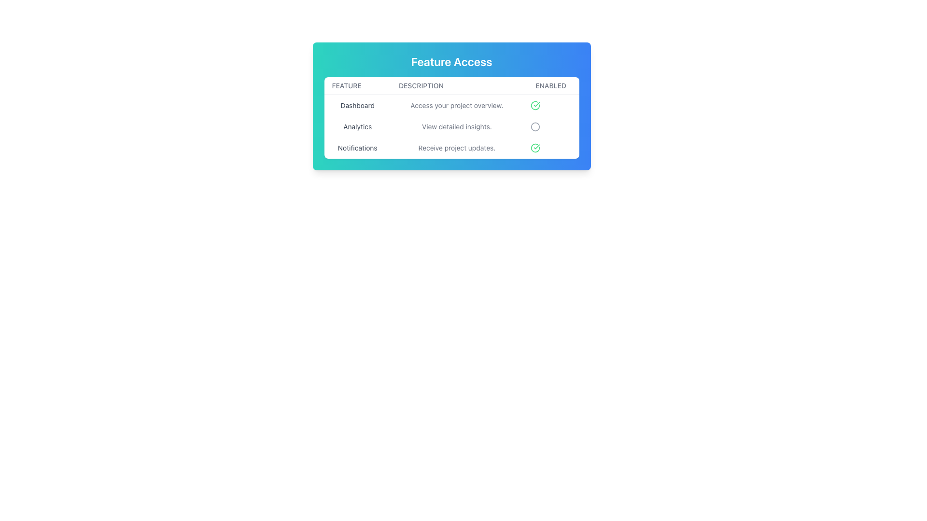 The height and width of the screenshot is (521, 927). What do you see at coordinates (534, 148) in the screenshot?
I see `the green tick mark icon within a circle located in the 'Enabled' column of the 'Dashboard' row under the 'Feature Access' section` at bounding box center [534, 148].